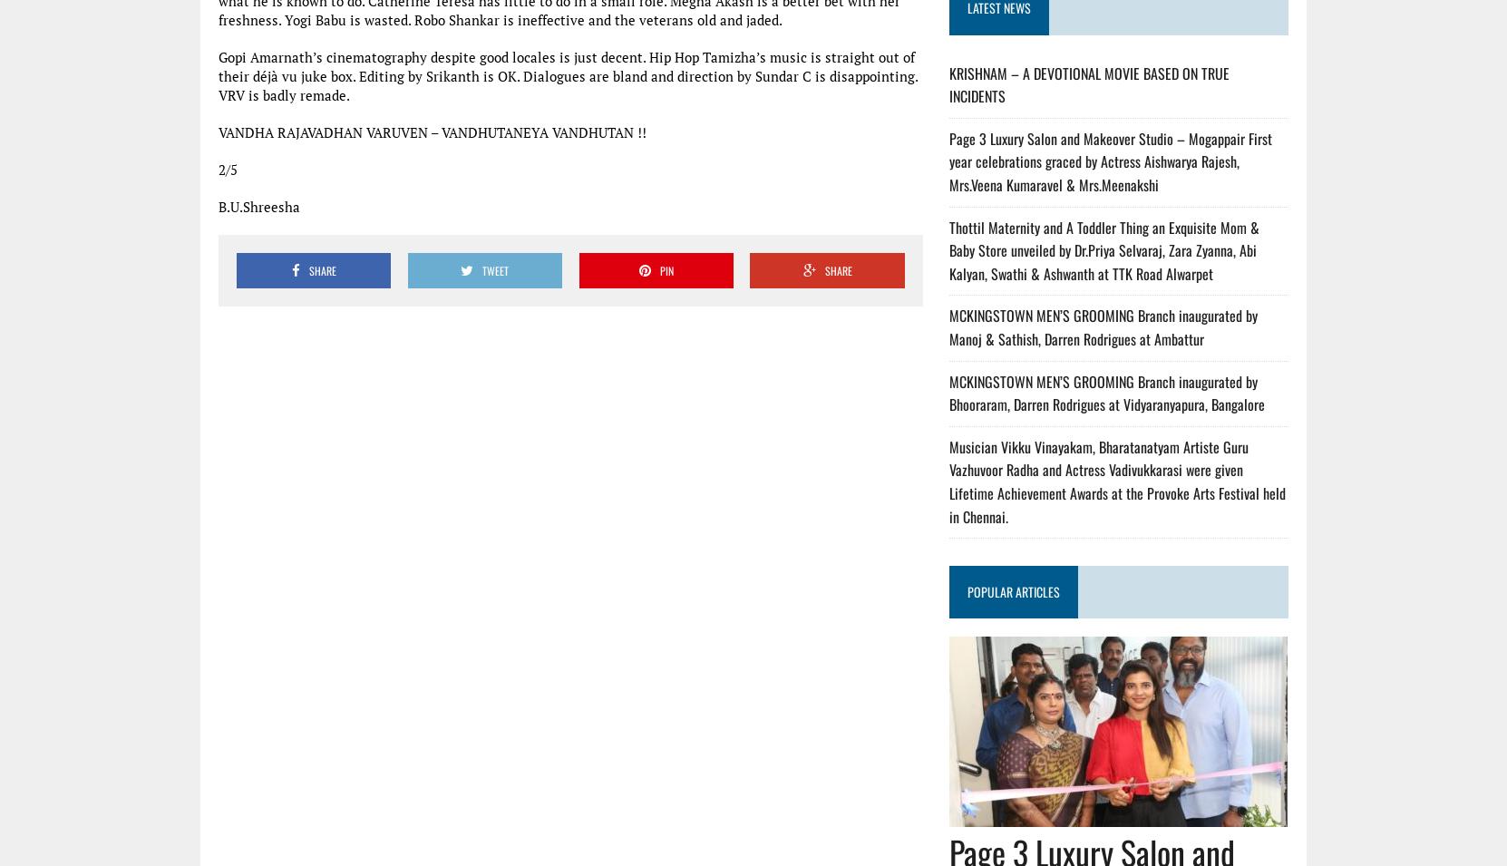 The height and width of the screenshot is (866, 1507). I want to click on 'KRISHNAM – A DEVOTIONAL MOVIE BASED ON TRUE INCIDENTS', so click(1088, 83).